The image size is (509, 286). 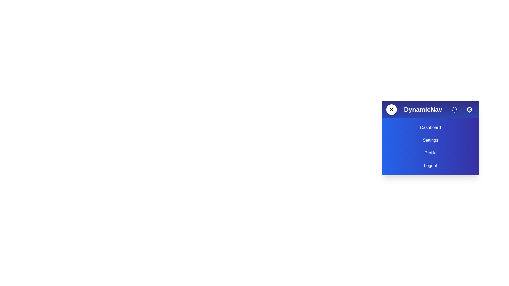 I want to click on the text element 'Settings' to select it, so click(x=430, y=140).